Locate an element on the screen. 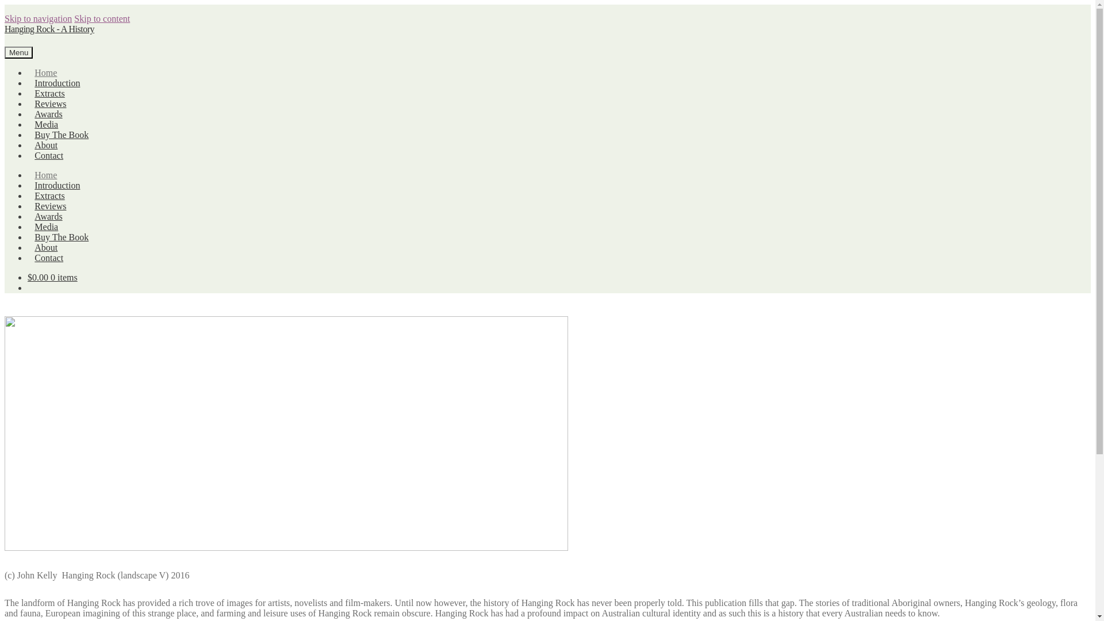  '$0.00 0 items' is located at coordinates (52, 277).